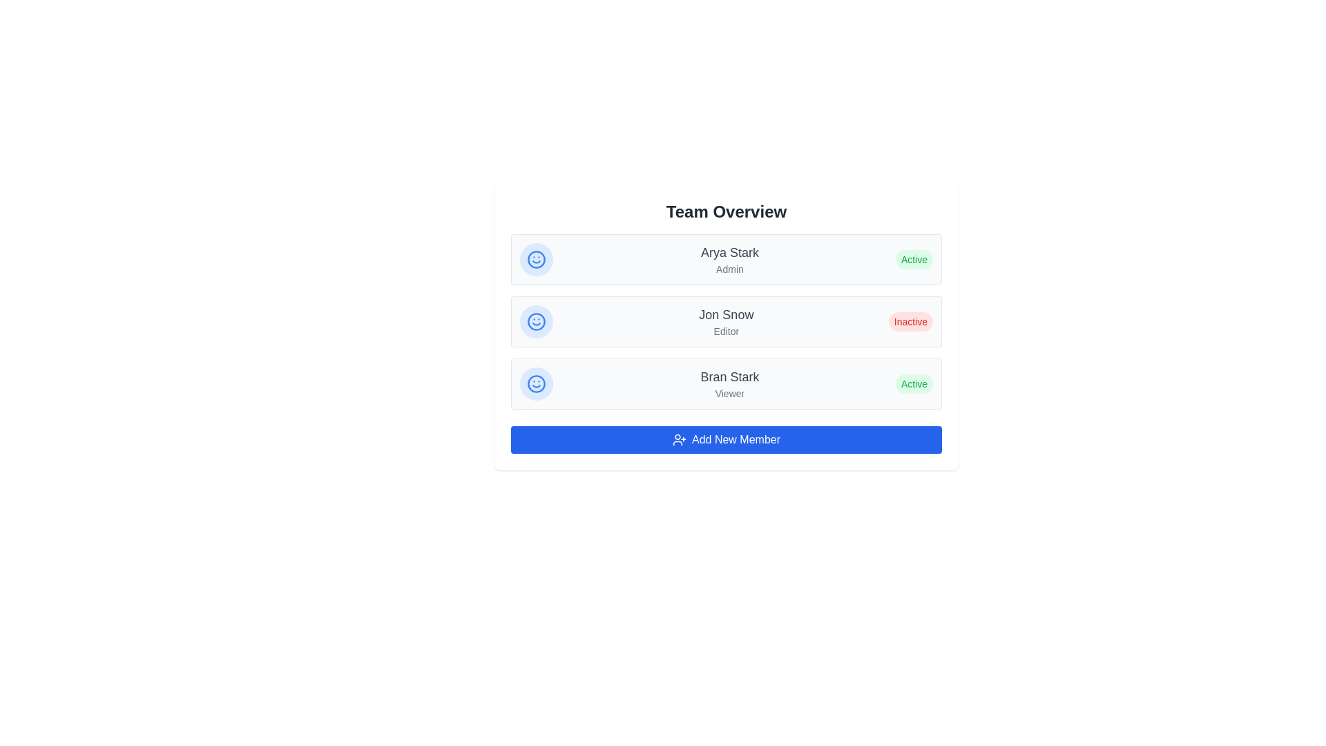  What do you see at coordinates (725, 331) in the screenshot?
I see `the 'Editor' label, which is a small gray text located directly below the larger text 'Jon Snow' in the second entry of a three-entry vertical list` at bounding box center [725, 331].